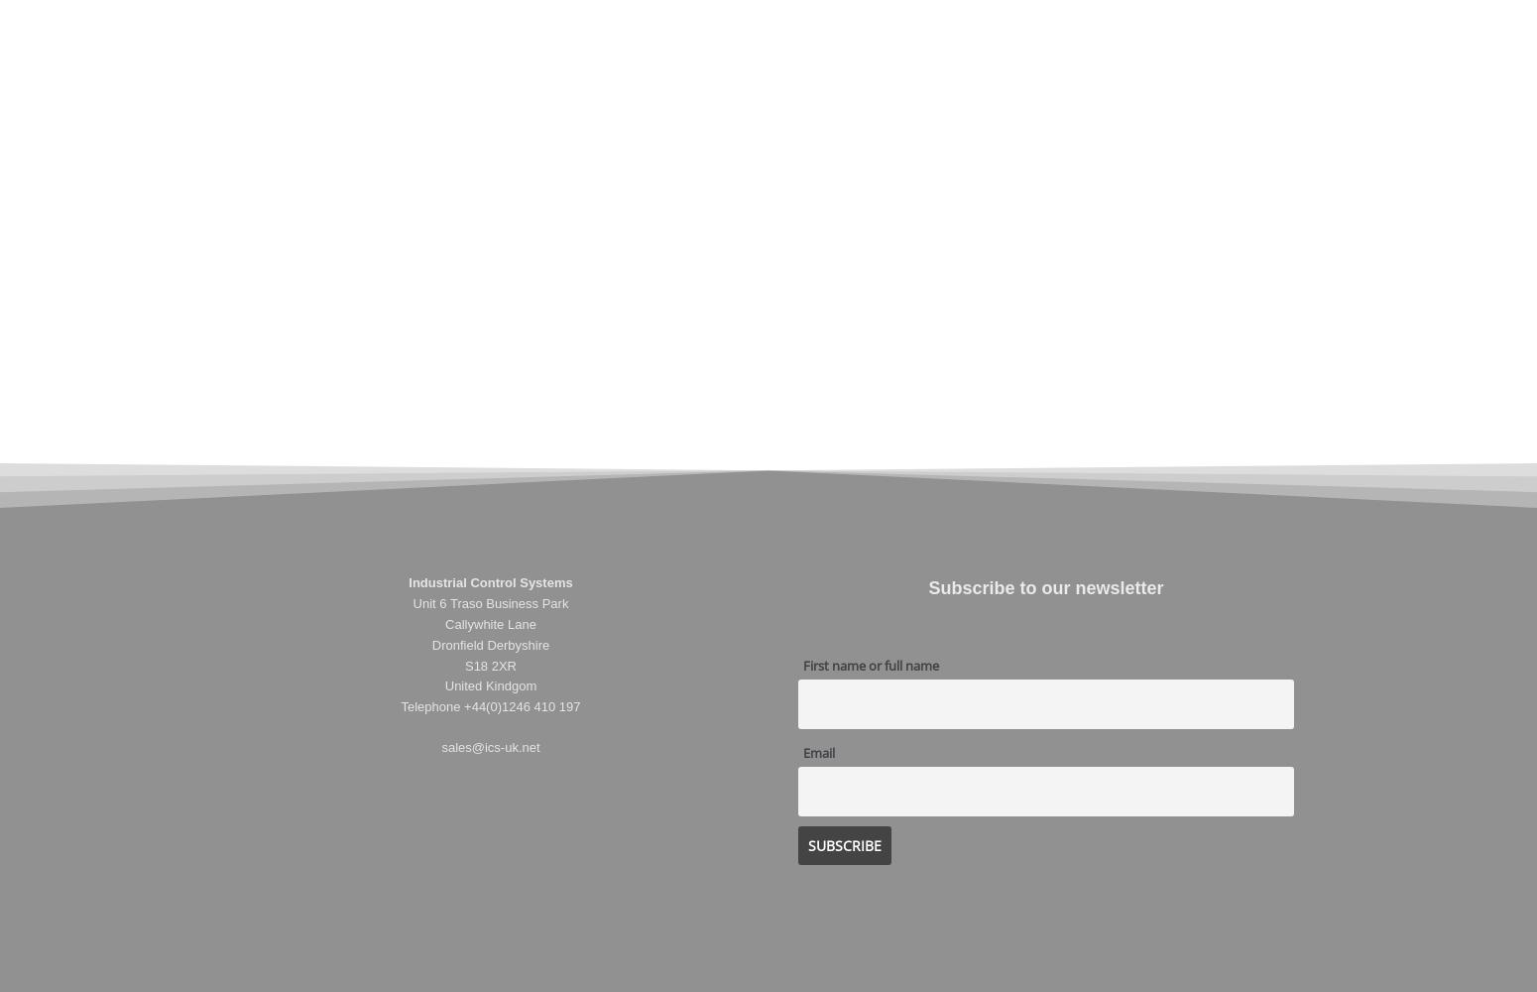 The image size is (1537, 992). I want to click on 'Telephone +44(0)1246 410 197', so click(489, 705).